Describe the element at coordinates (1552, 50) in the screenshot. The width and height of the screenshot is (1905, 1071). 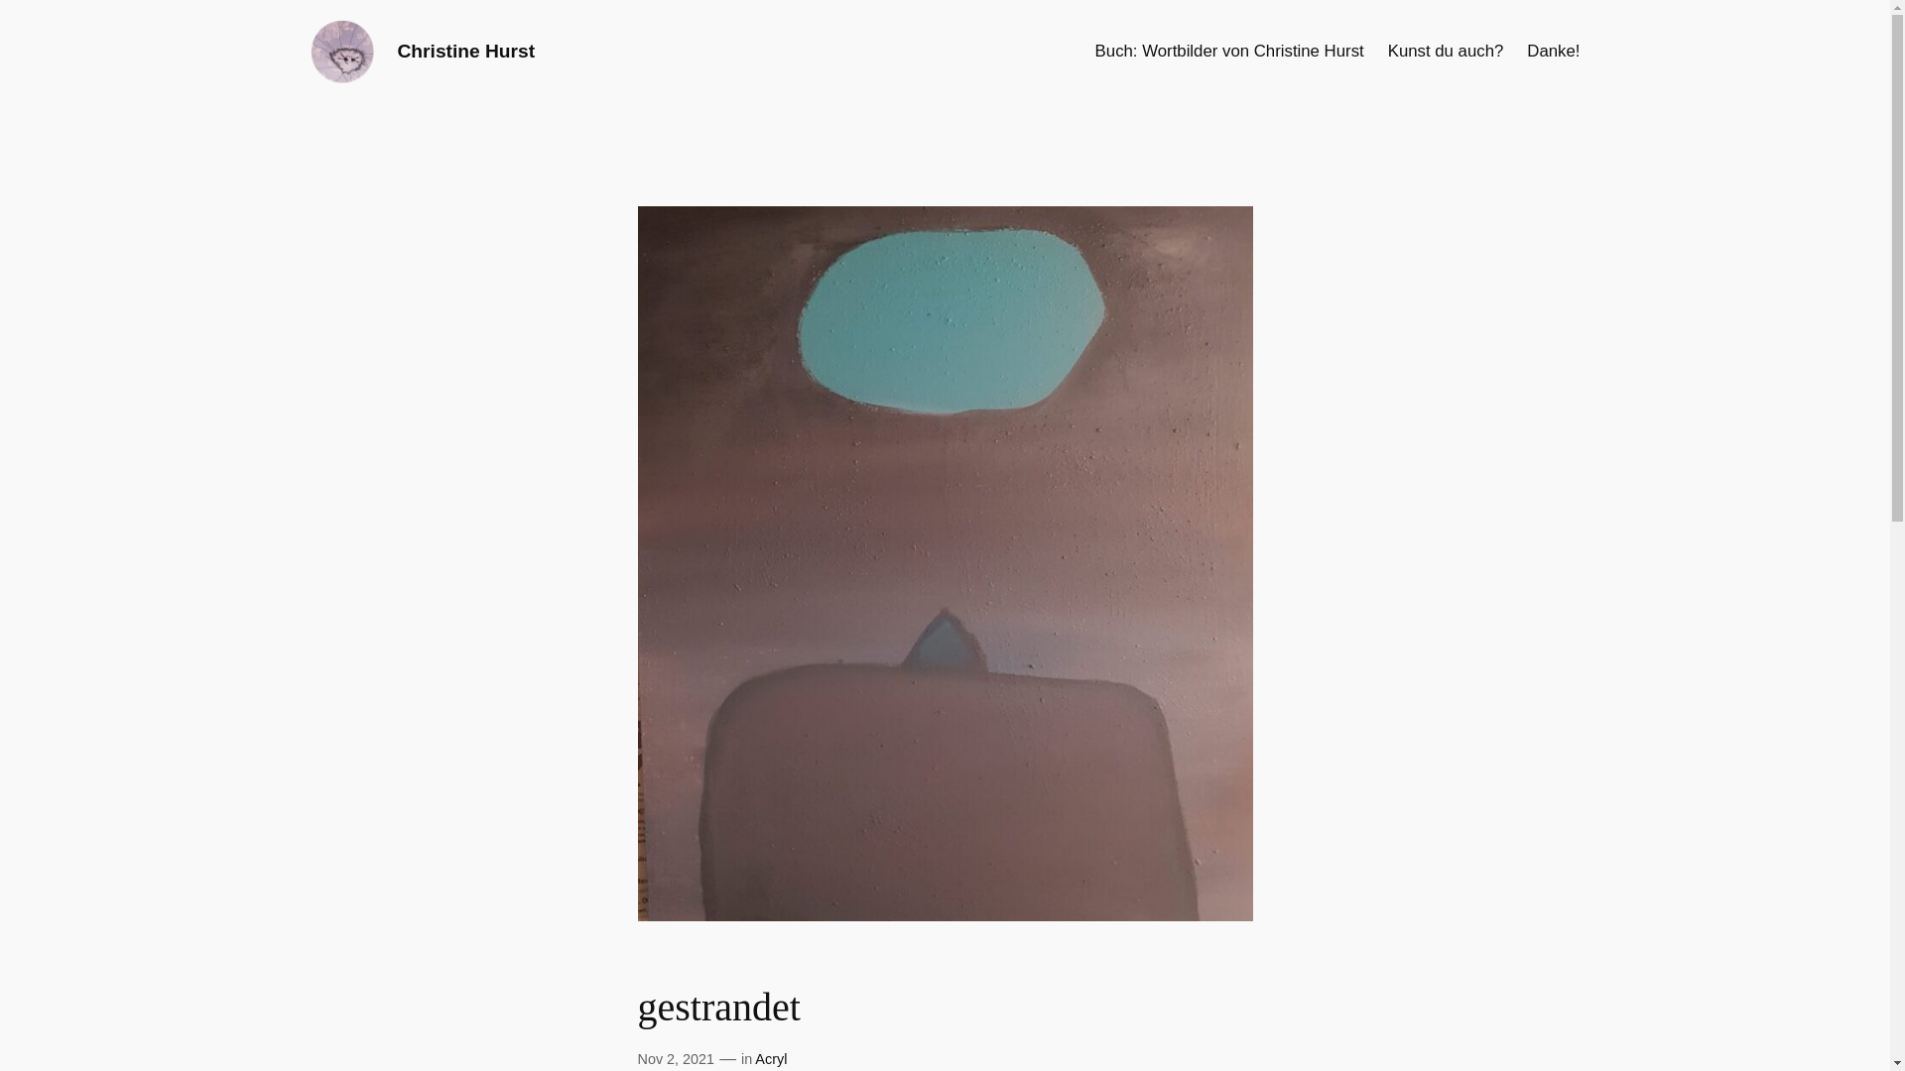
I see `'Danke!'` at that location.